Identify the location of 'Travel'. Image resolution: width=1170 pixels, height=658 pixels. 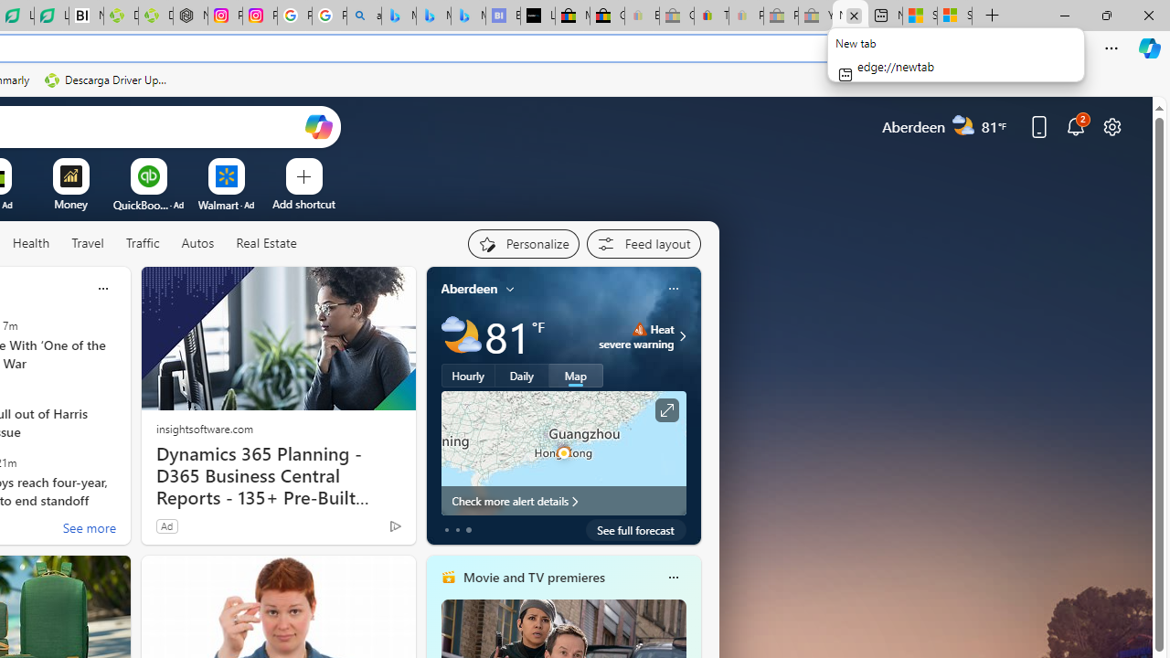
(87, 243).